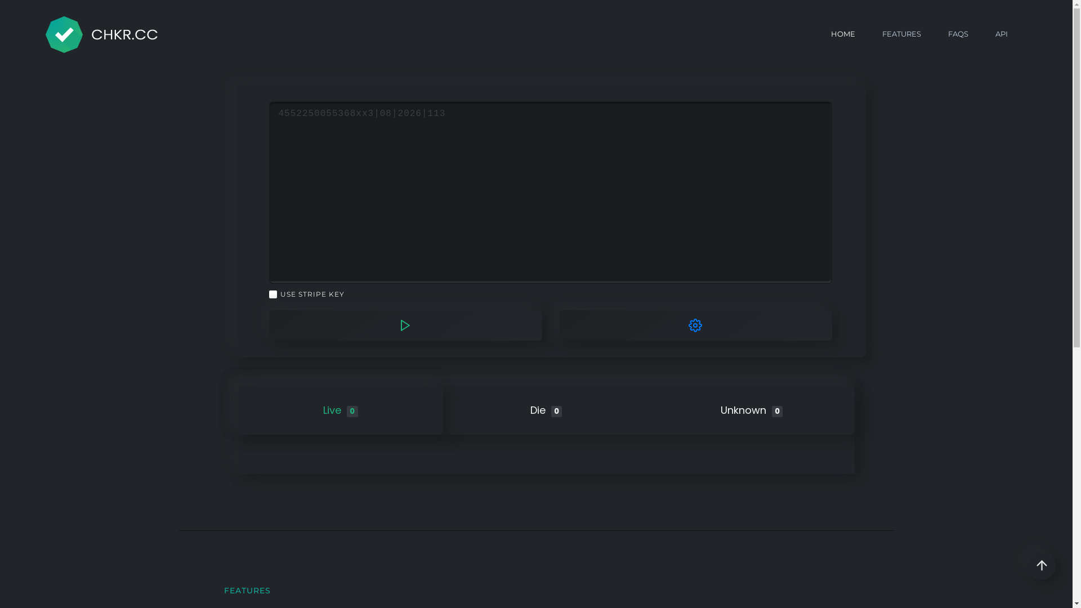 The image size is (1081, 608). Describe the element at coordinates (340, 410) in the screenshot. I see `'Live0'` at that location.